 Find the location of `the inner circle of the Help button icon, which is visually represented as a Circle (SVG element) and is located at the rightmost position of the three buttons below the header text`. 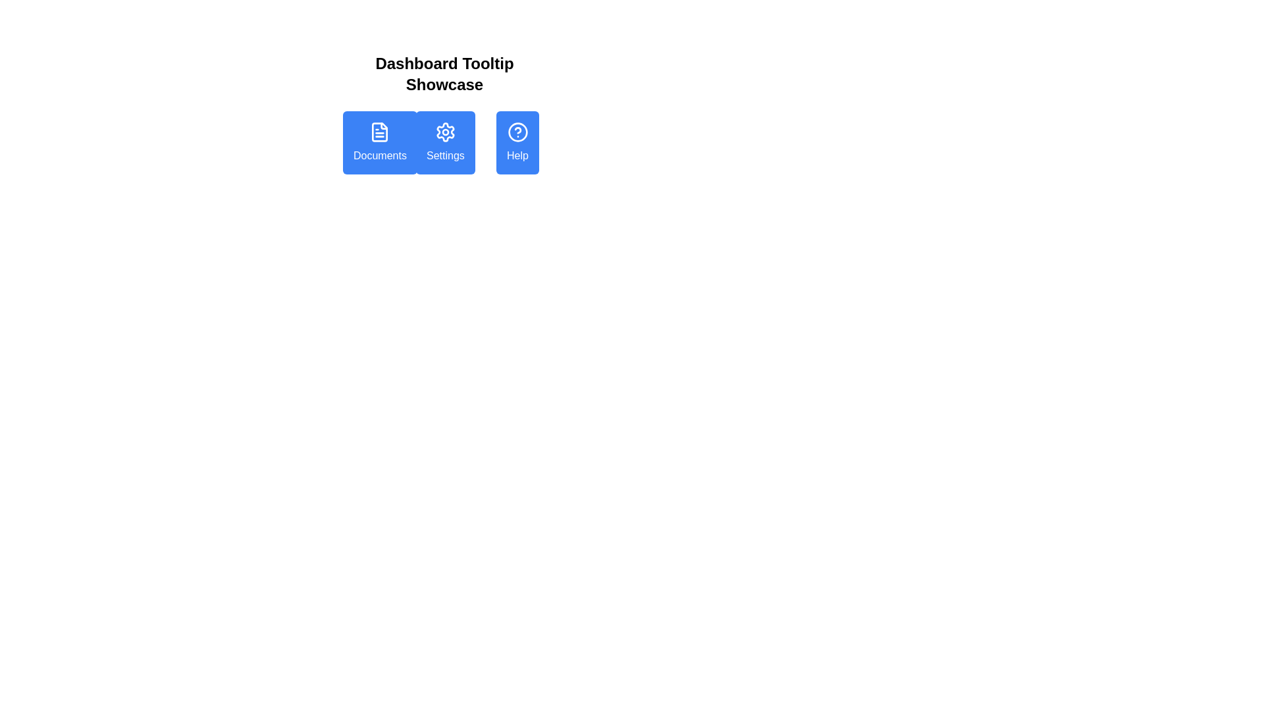

the inner circle of the Help button icon, which is visually represented as a Circle (SVG element) and is located at the rightmost position of the three buttons below the header text is located at coordinates (517, 132).